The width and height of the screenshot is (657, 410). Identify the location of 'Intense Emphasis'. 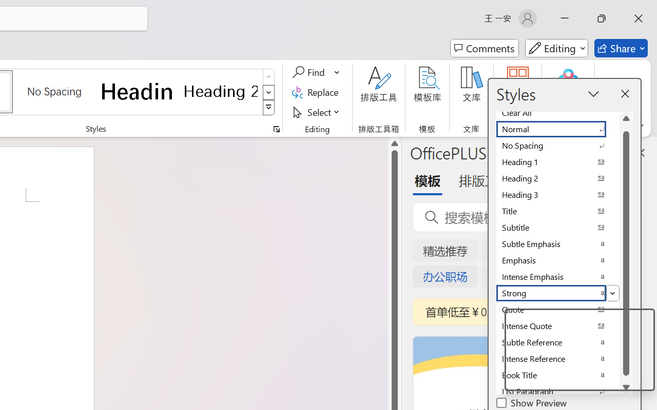
(557, 277).